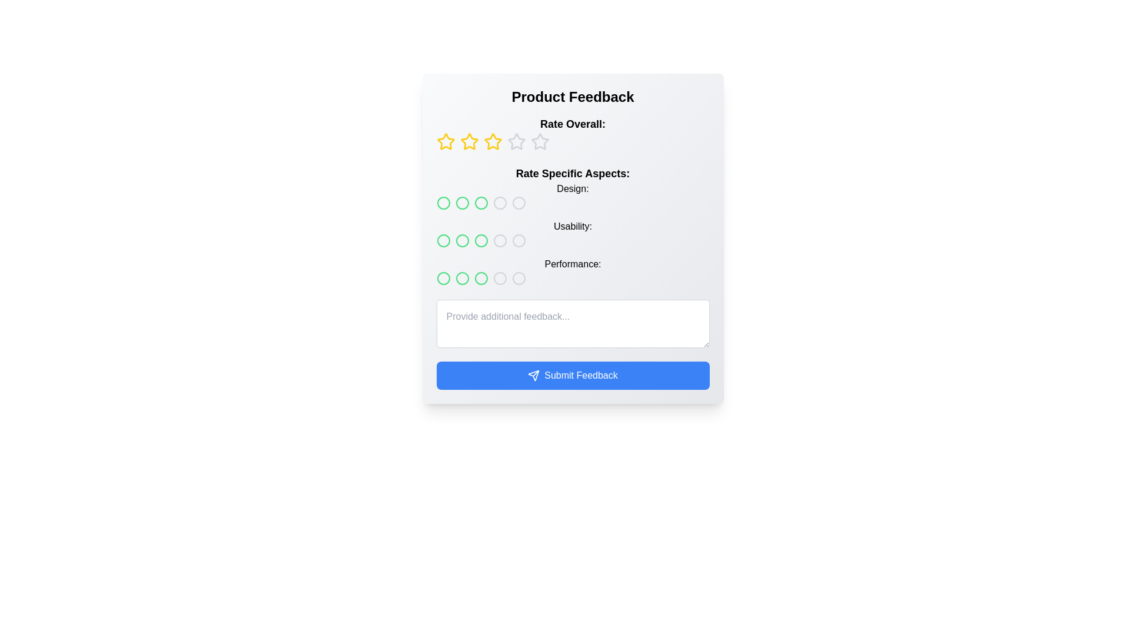 The width and height of the screenshot is (1130, 636). I want to click on the second interactive green circle in the 'Rate Specific Aspects: Design' row, so click(481, 202).